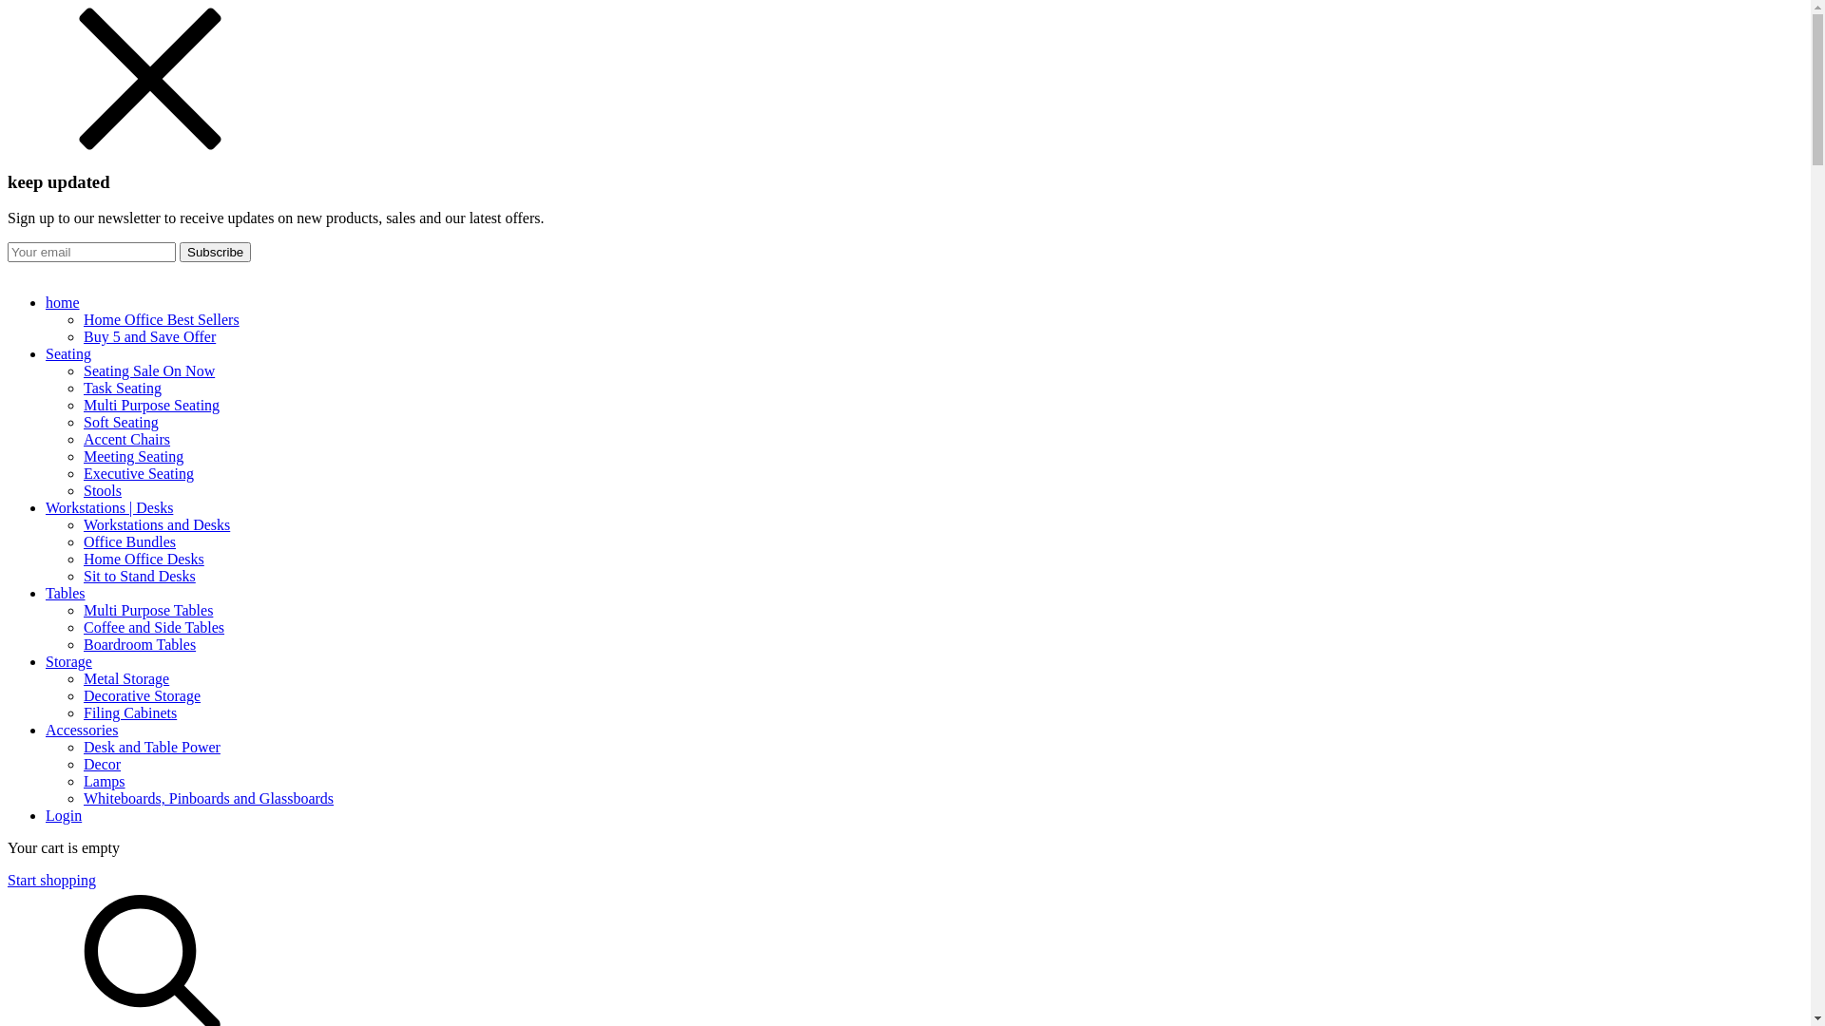 The height and width of the screenshot is (1026, 1825). I want to click on 'Storage', so click(924, 661).